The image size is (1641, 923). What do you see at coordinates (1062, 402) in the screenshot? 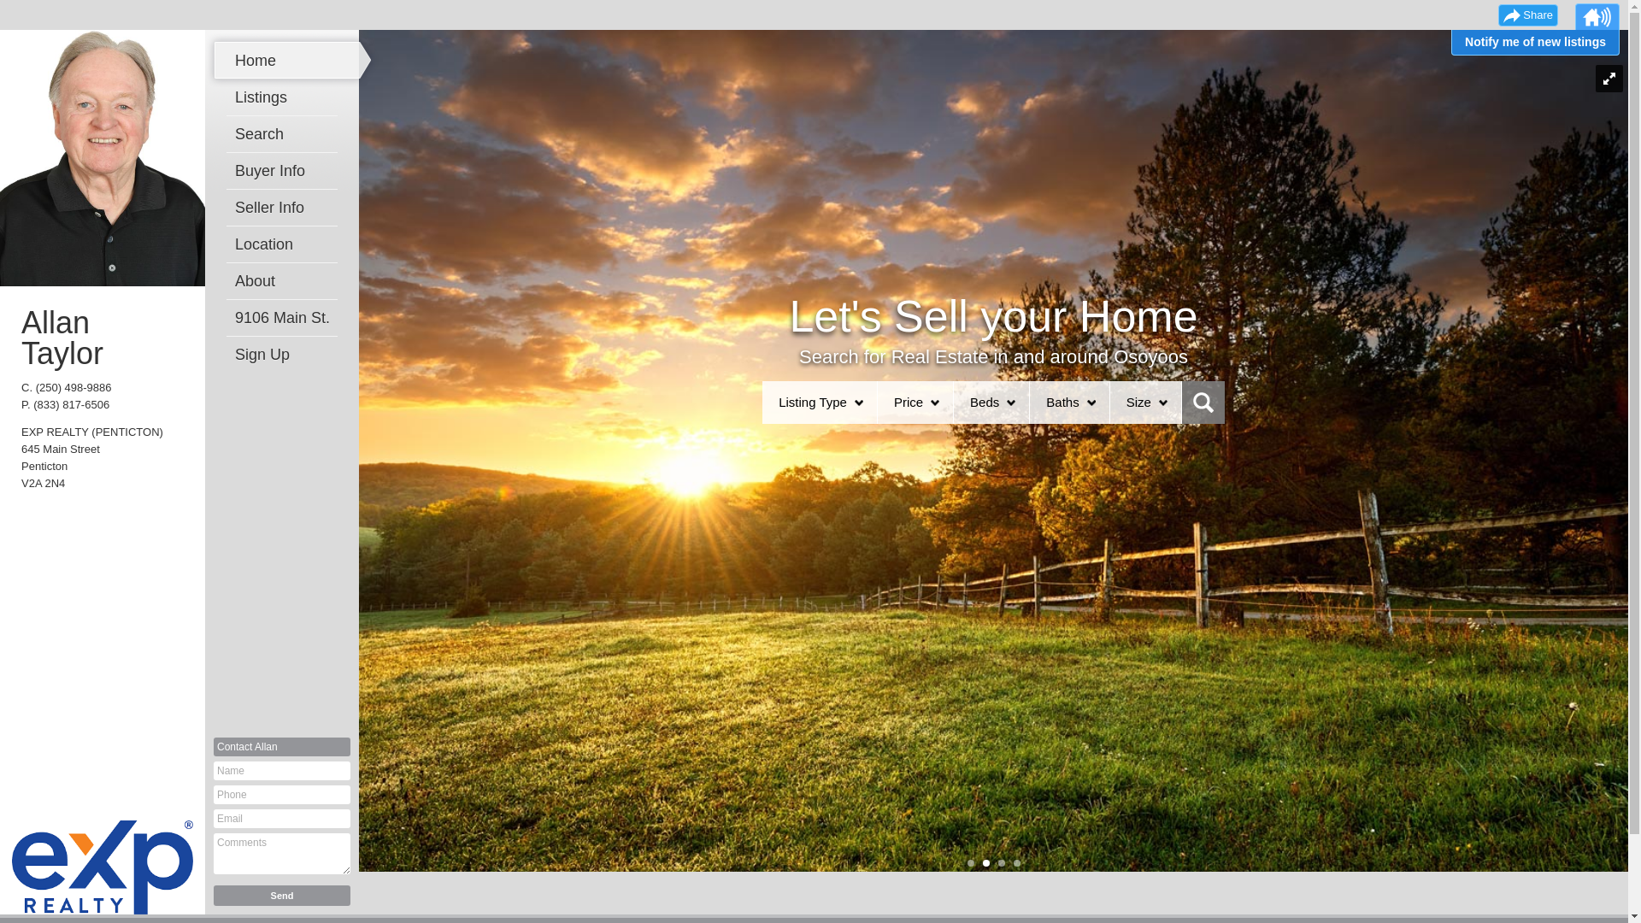
I see `'Baths'` at bounding box center [1062, 402].